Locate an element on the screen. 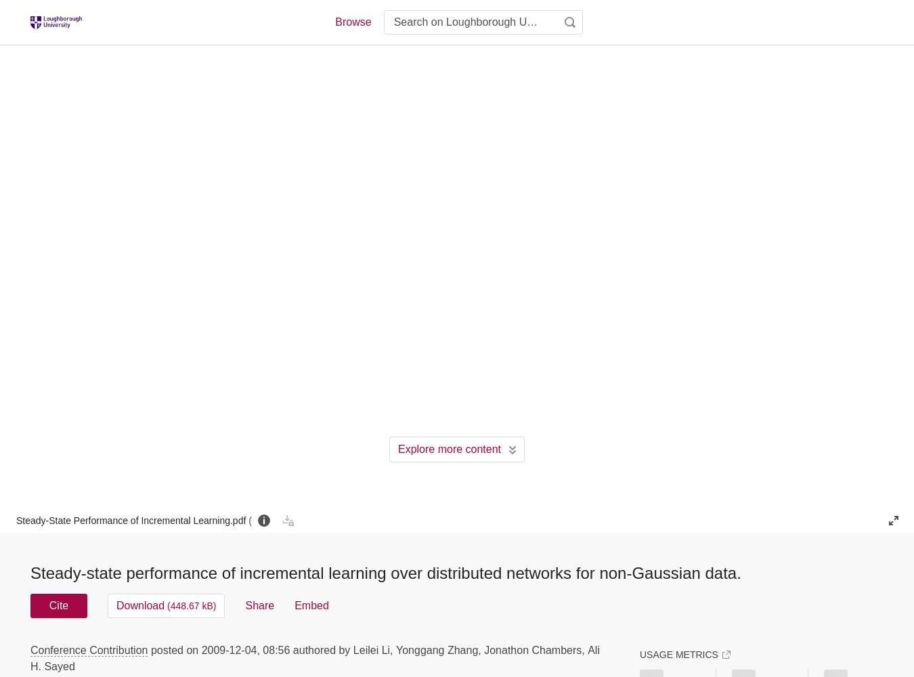 The height and width of the screenshot is (677, 914). 'authored by' is located at coordinates (320, 649).